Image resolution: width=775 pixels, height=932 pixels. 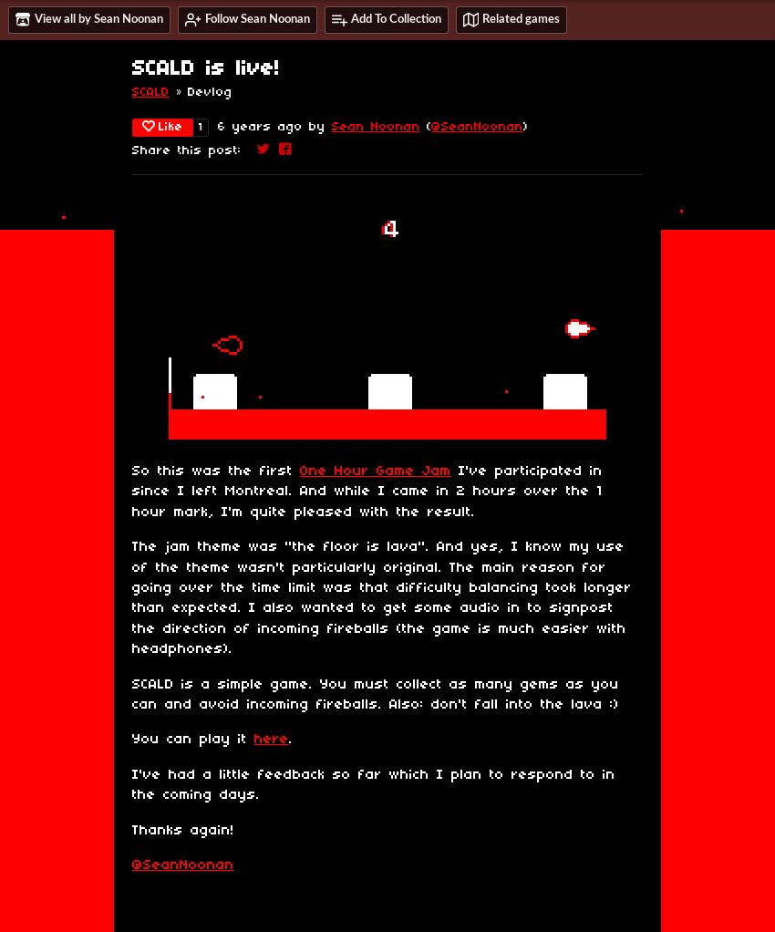 I want to click on ')', so click(x=525, y=127).